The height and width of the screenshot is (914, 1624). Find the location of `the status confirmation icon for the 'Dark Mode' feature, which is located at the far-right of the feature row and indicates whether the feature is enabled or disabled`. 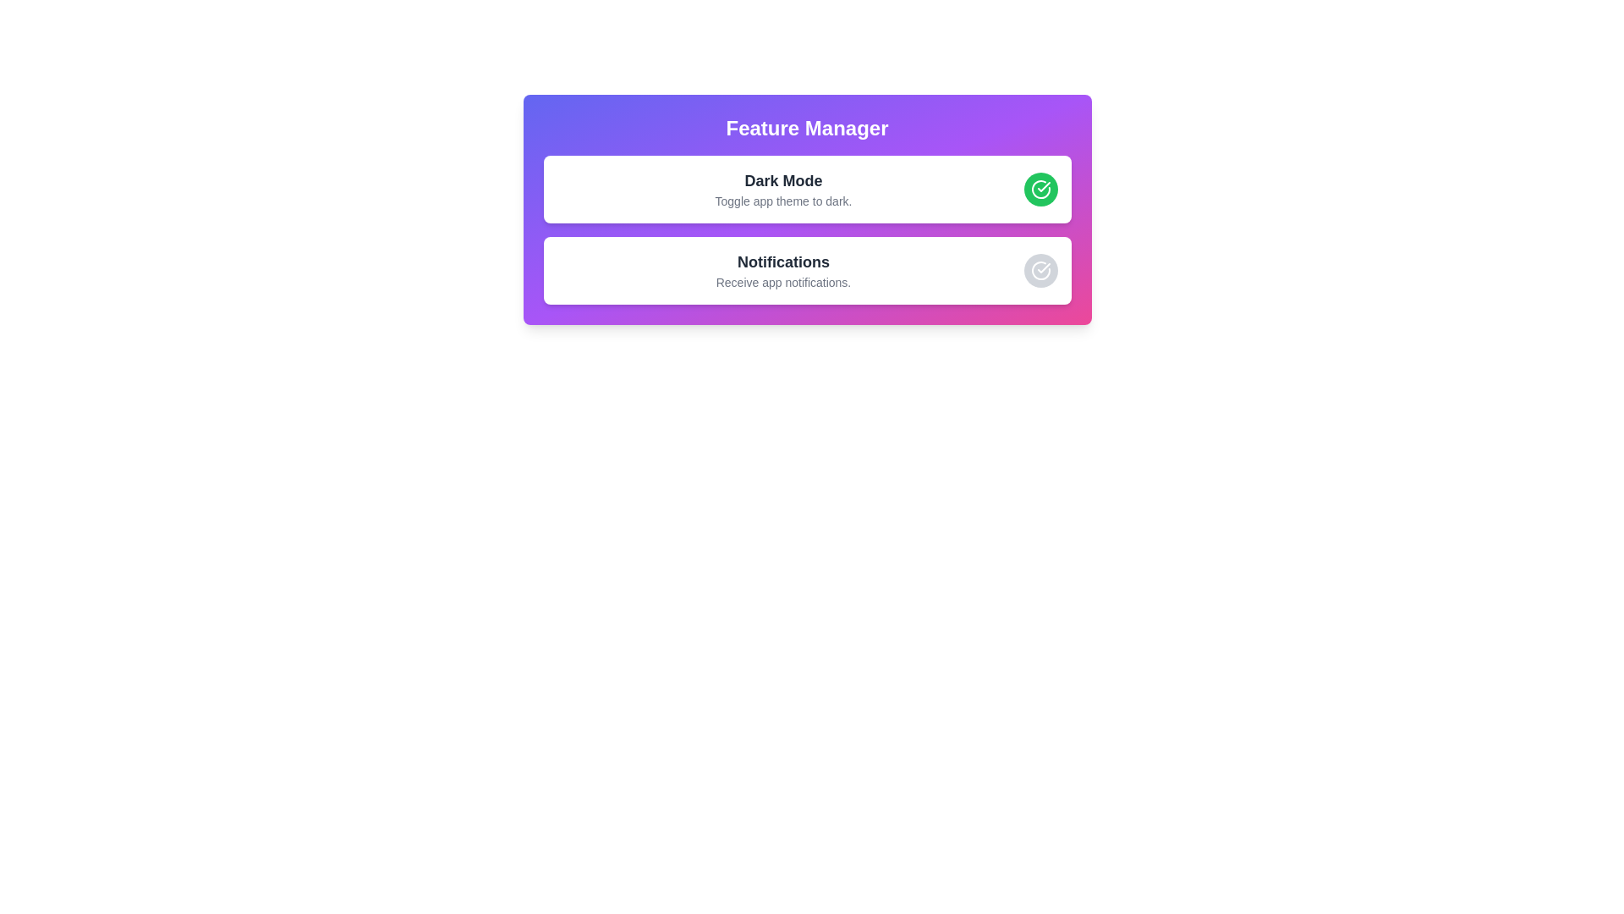

the status confirmation icon for the 'Dark Mode' feature, which is located at the far-right of the feature row and indicates whether the feature is enabled or disabled is located at coordinates (1040, 189).